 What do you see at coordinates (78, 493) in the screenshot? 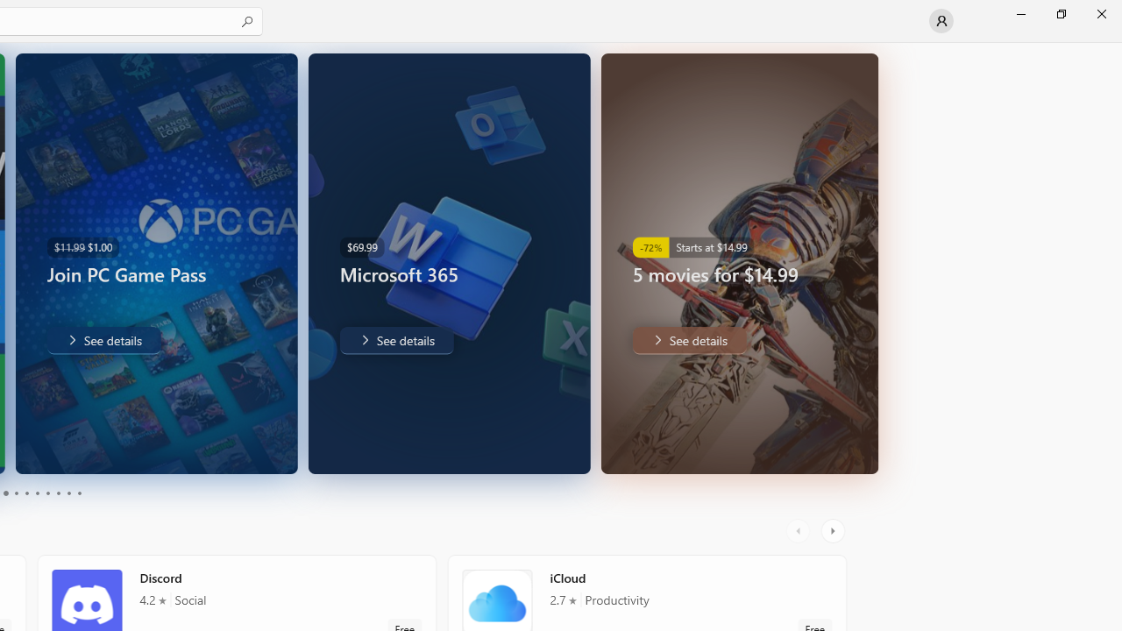
I see `'Page 10'` at bounding box center [78, 493].